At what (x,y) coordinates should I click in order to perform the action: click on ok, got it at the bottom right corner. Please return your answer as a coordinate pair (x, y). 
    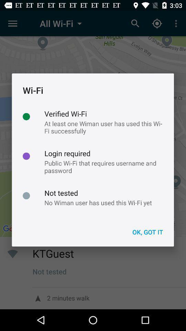
    Looking at the image, I should click on (147, 232).